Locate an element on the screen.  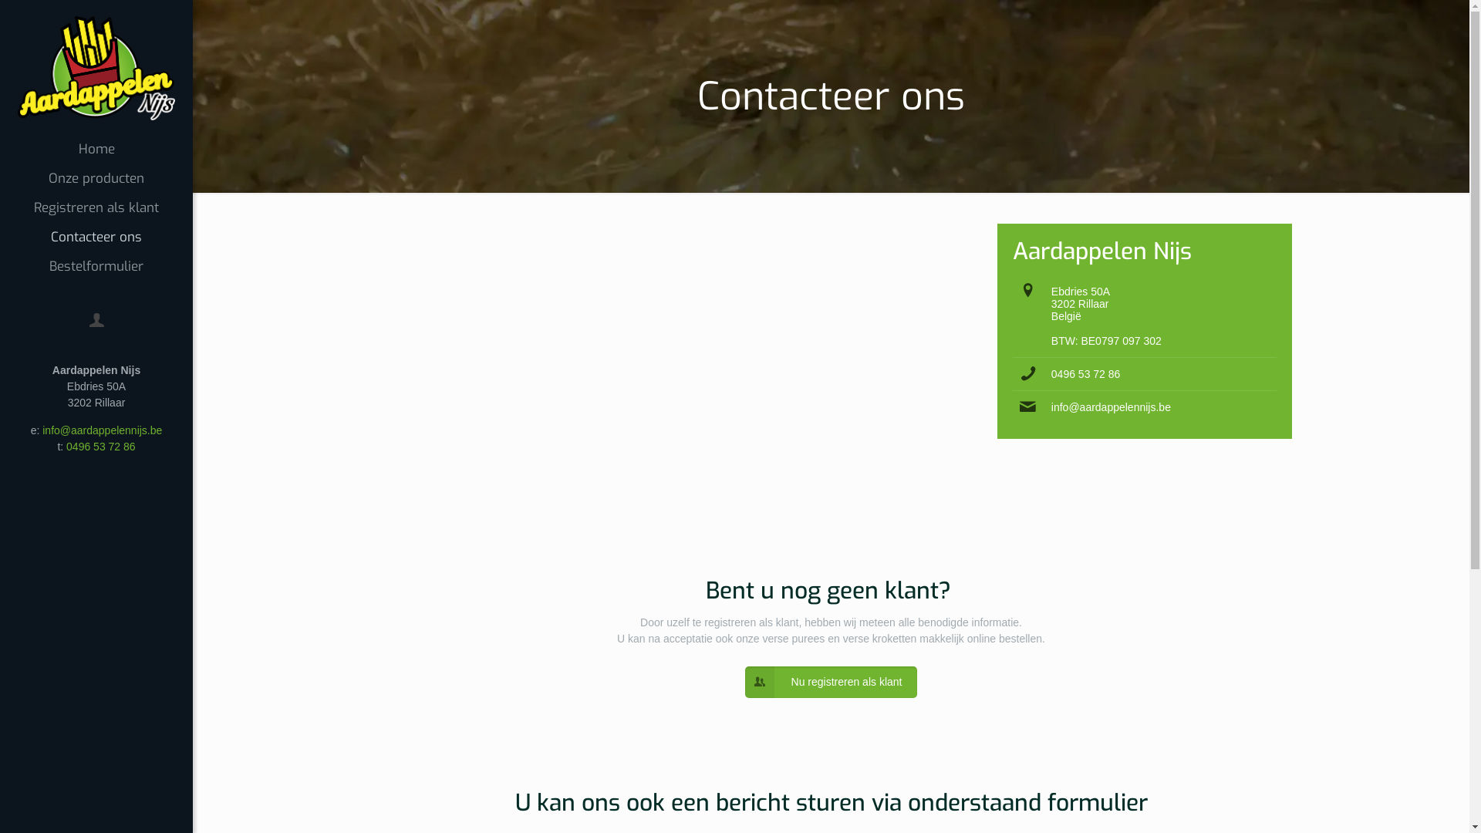
'Aardappelen Nijs' is located at coordinates (95, 66).